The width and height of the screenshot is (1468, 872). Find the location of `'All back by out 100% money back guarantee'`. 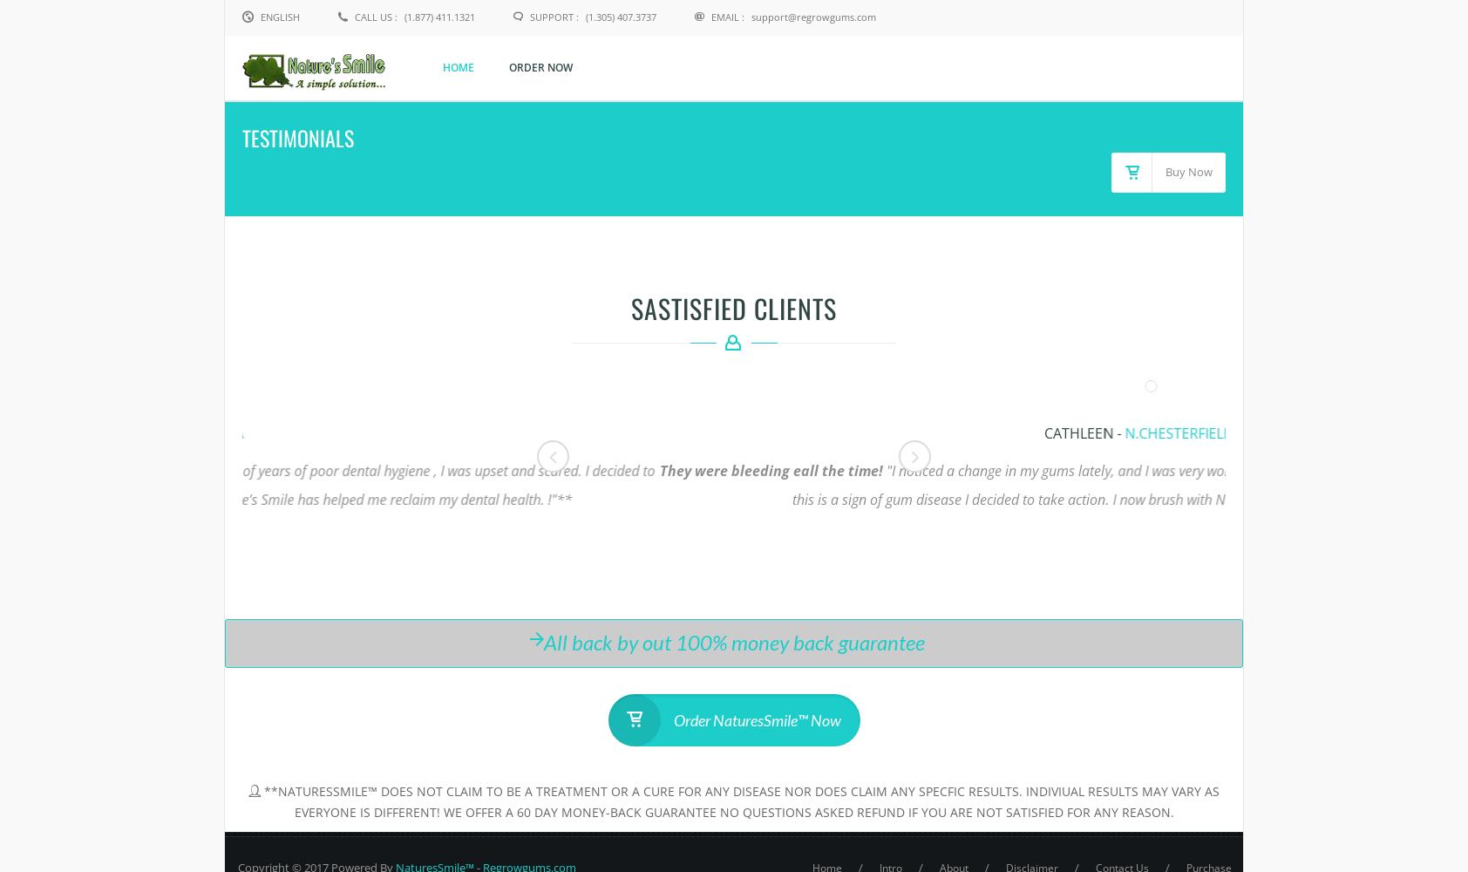

'All back by out 100% money back guarantee' is located at coordinates (733, 641).